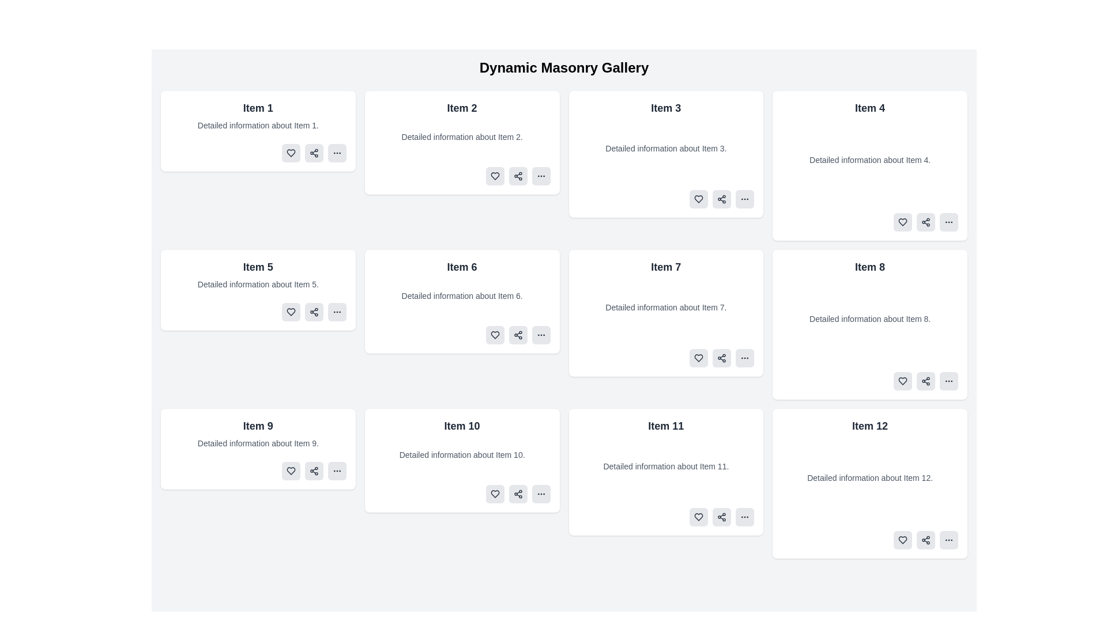 This screenshot has width=1107, height=622. What do you see at coordinates (949, 540) in the screenshot?
I see `the ellipsis icon, which consists of three small, evenly spaced dots in a minimalist grayscale design, located at the bottom right corner of the card labeled 'Item 12'` at bounding box center [949, 540].